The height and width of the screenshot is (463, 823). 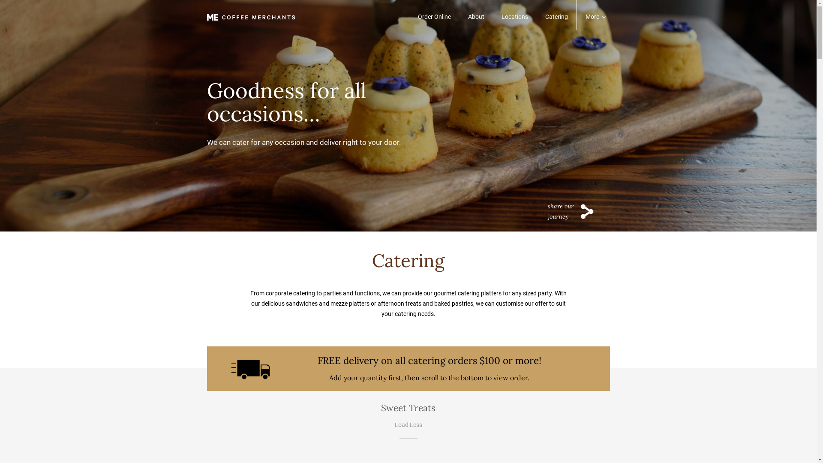 I want to click on 'Locations', so click(x=514, y=16).